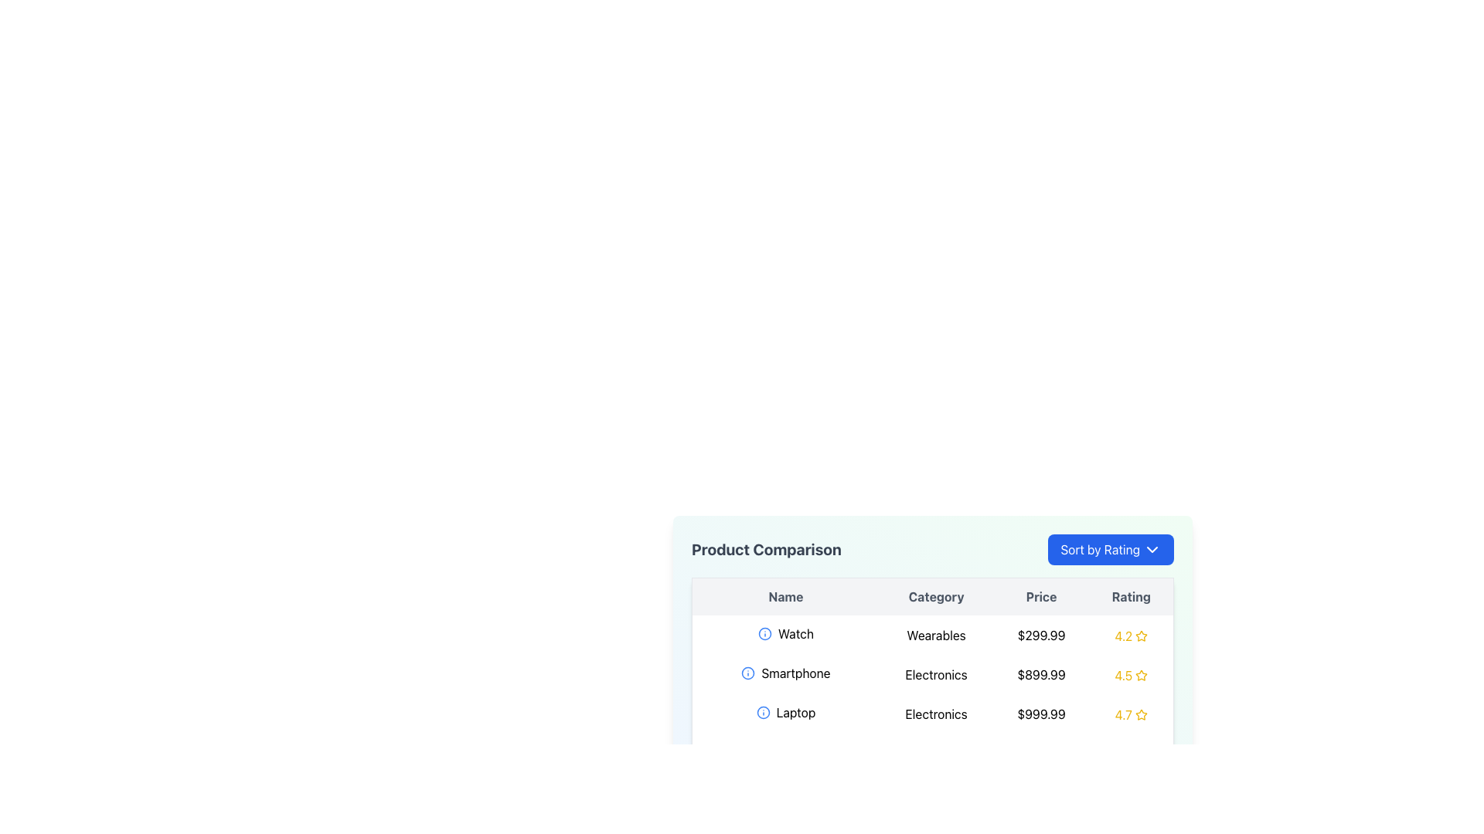  Describe the element at coordinates (931, 634) in the screenshot. I see `the first table row displaying the product 'Watch', categorized under 'Wearables', priced at '$299.99', and rated 4.2 stars` at that location.